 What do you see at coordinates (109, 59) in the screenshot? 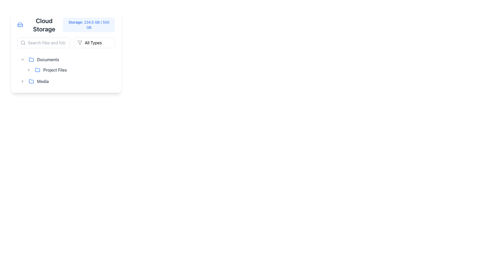
I see `the overflow options menu button located at the right end of the horizontal toolbar above the list structure` at bounding box center [109, 59].